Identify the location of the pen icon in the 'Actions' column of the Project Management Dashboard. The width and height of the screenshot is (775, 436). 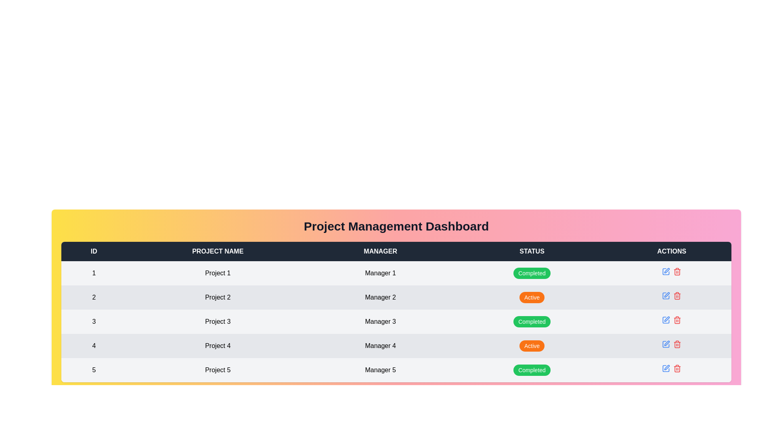
(667, 343).